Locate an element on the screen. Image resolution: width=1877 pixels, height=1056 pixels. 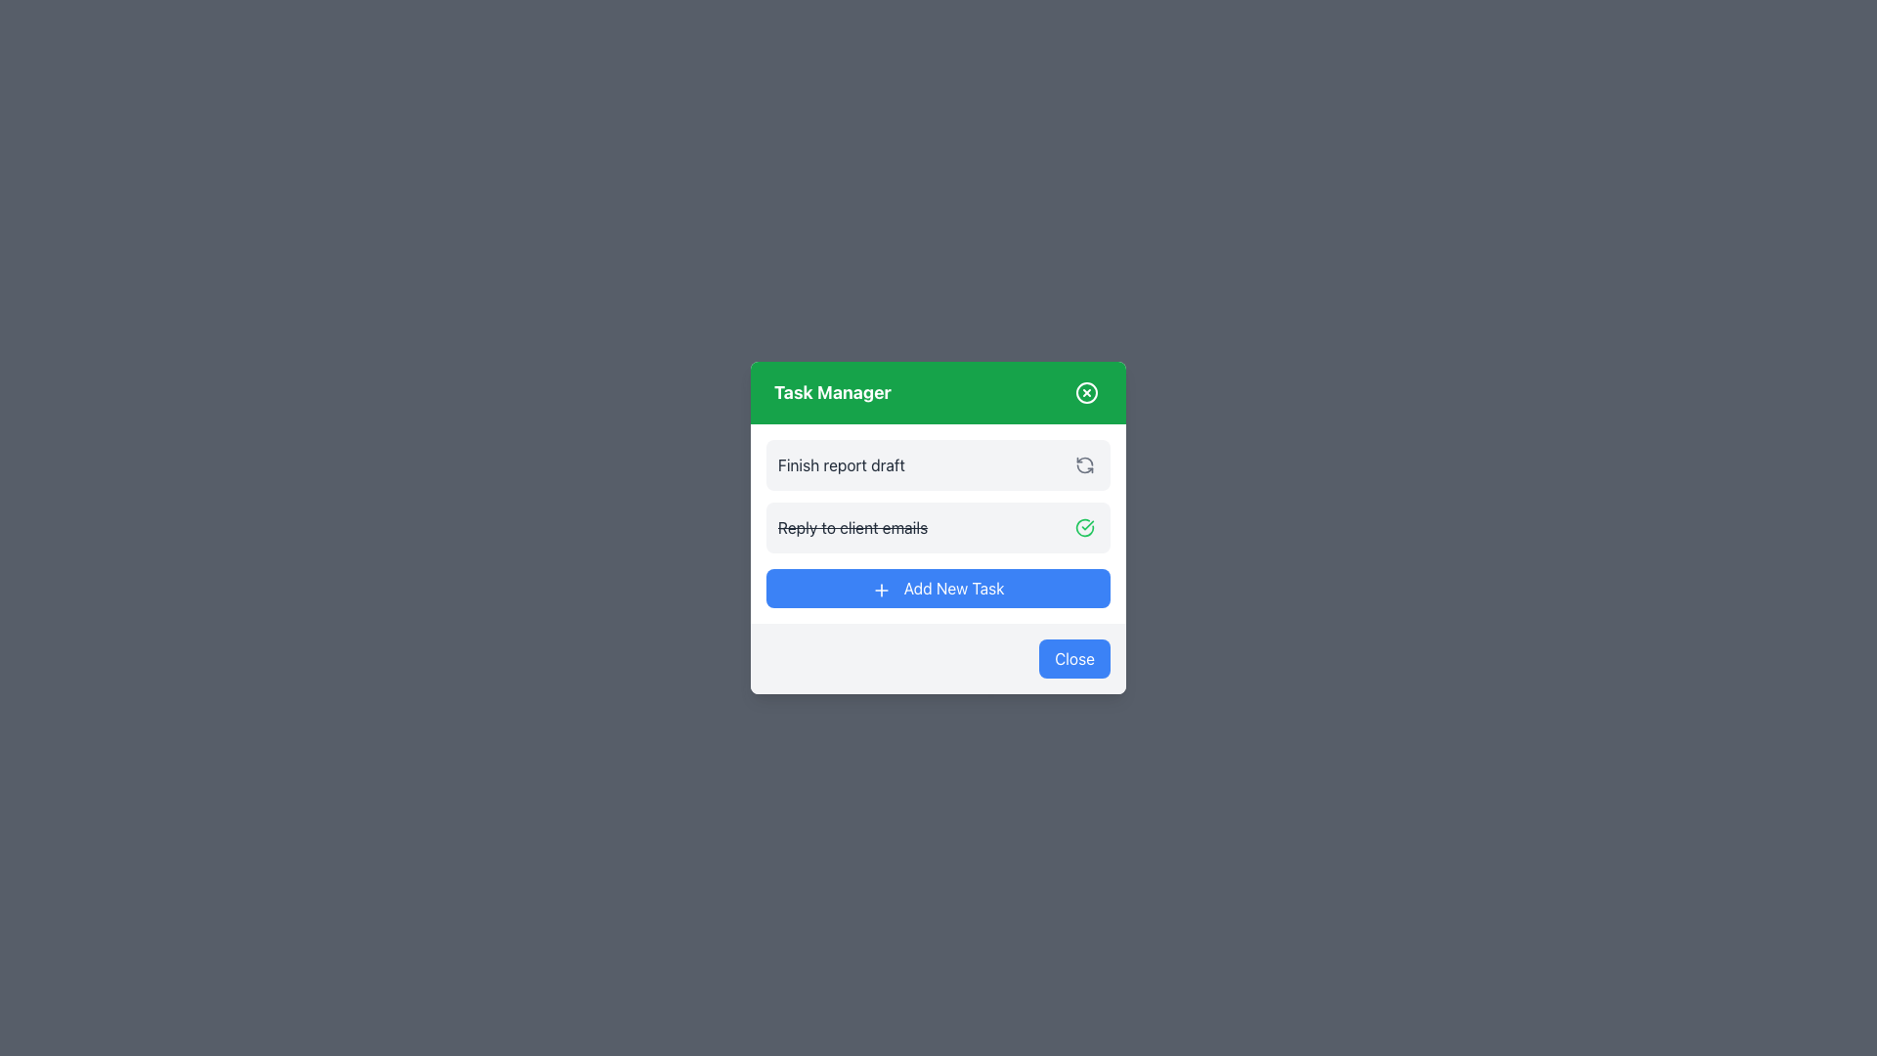
'Task Manager' label, which is a bold text label in white on a green background, centrally positioned in the top green bar of the modal is located at coordinates (832, 392).